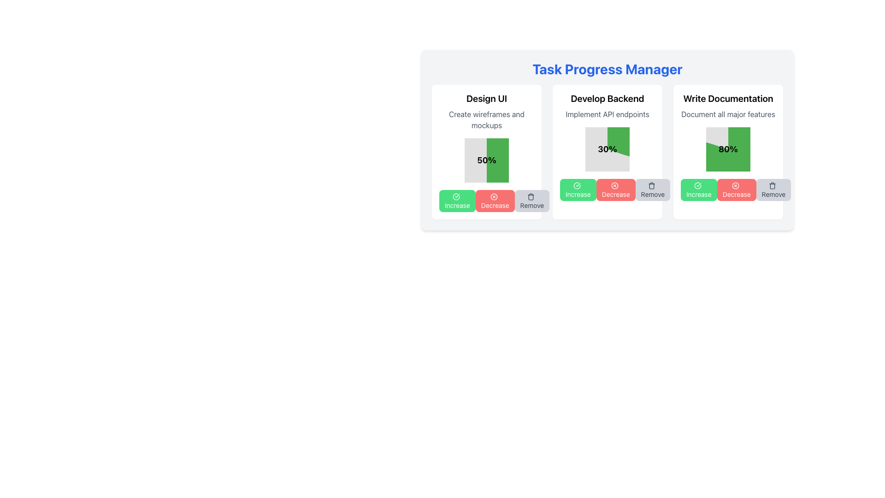  Describe the element at coordinates (773, 190) in the screenshot. I see `the gray rounded button labeled 'Remove' with a trash icon, located as the third button in a row below the 'Write Documentation' card` at that location.